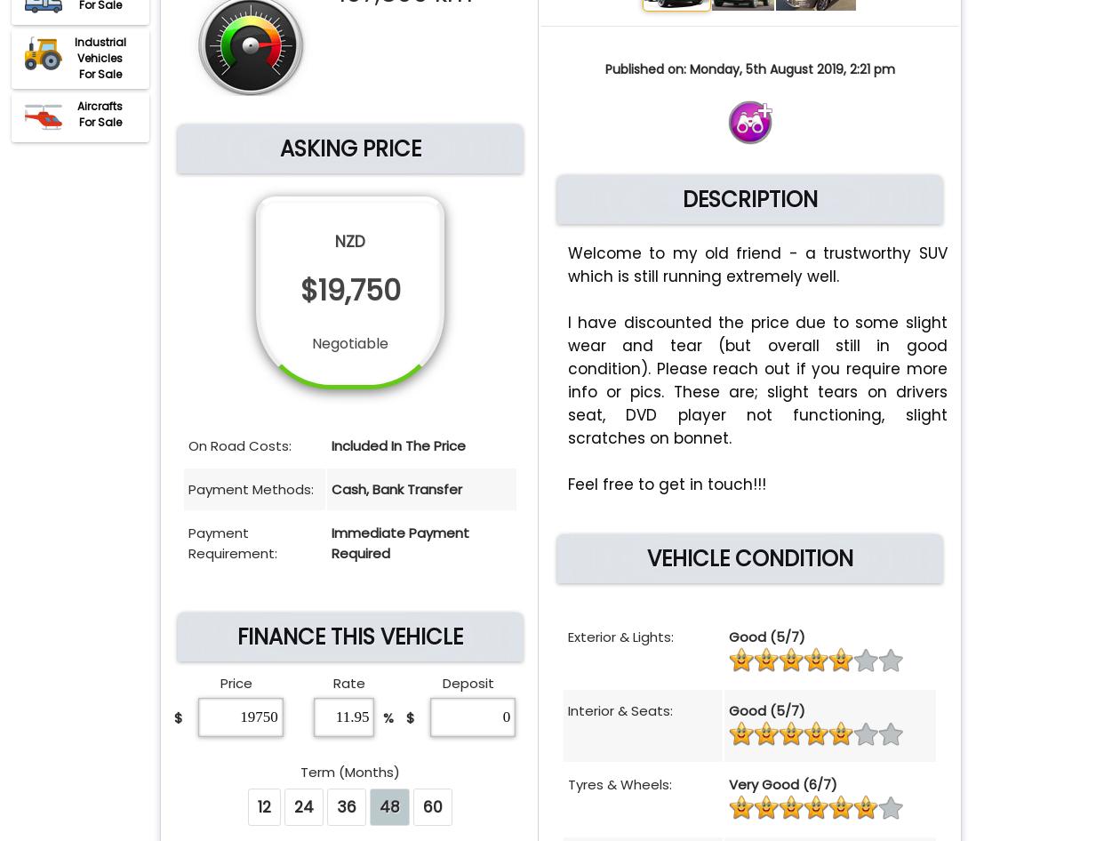 The width and height of the screenshot is (1120, 841). I want to click on 'Negotiable', so click(350, 343).